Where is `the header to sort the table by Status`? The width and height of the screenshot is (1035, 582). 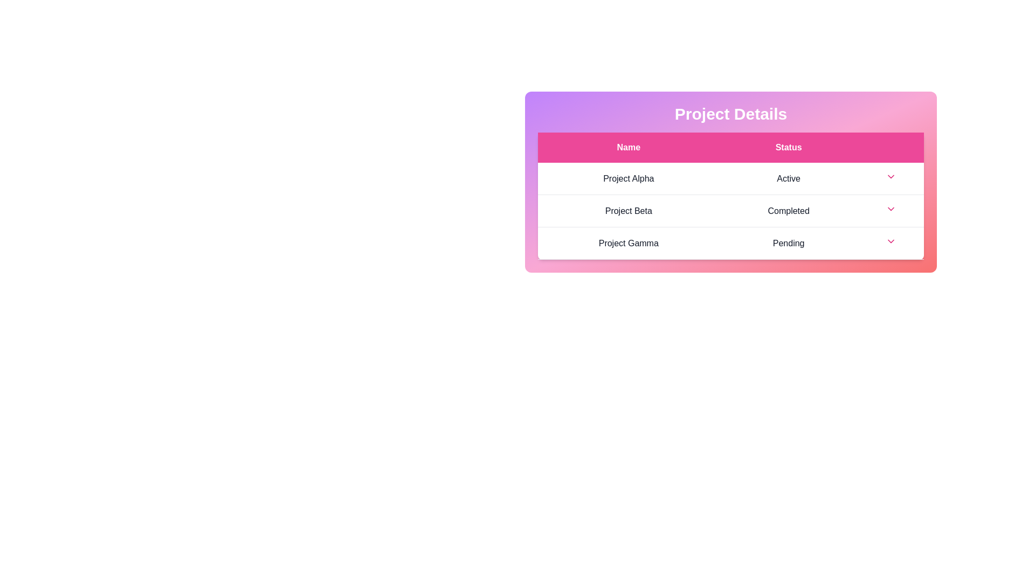
the header to sort the table by Status is located at coordinates (789, 147).